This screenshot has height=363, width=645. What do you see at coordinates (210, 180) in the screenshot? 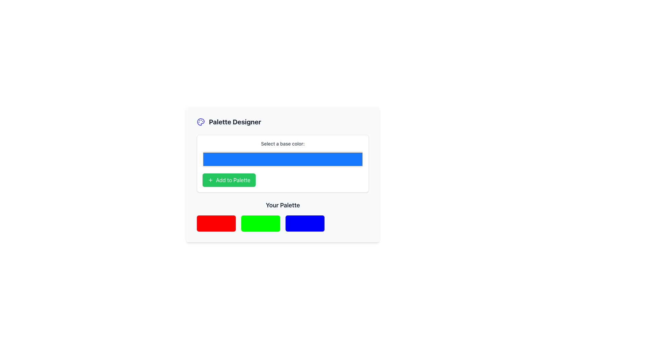
I see `the green button labeled 'Add to Palette' that contains the icon indicating the 'Add to Palette' action, positioned below the blue color selection area and above the 'Your Palette' section` at bounding box center [210, 180].